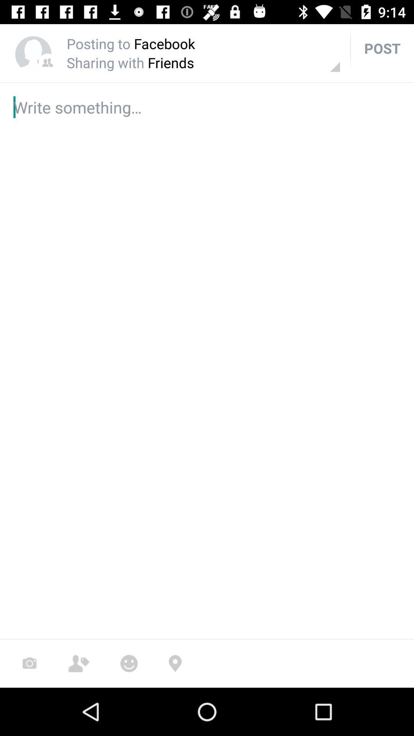  What do you see at coordinates (29, 663) in the screenshot?
I see `the photo icon` at bounding box center [29, 663].